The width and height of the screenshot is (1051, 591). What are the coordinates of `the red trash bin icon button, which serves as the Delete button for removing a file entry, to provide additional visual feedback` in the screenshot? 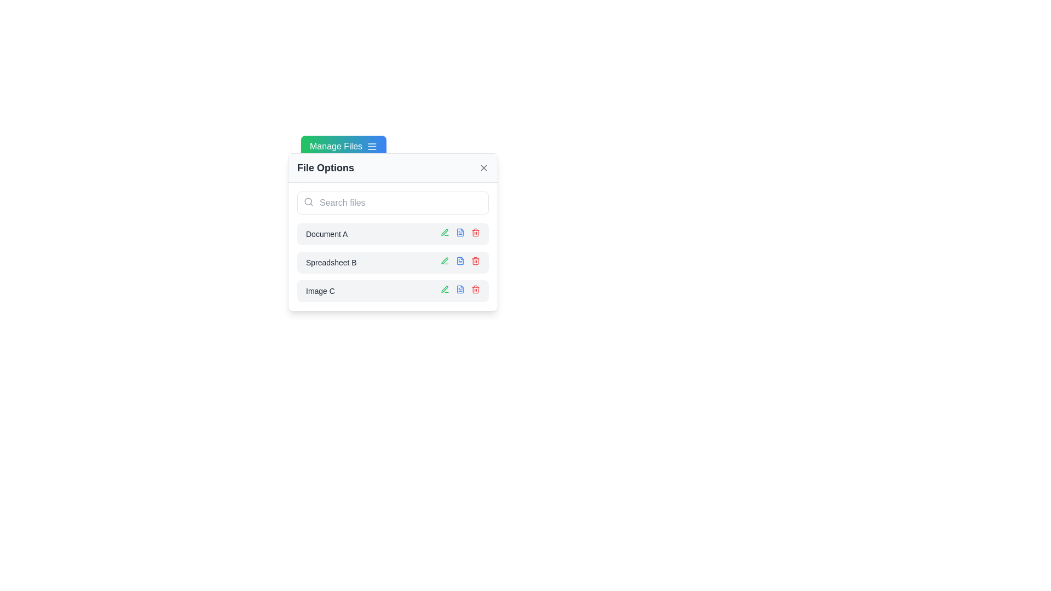 It's located at (475, 288).